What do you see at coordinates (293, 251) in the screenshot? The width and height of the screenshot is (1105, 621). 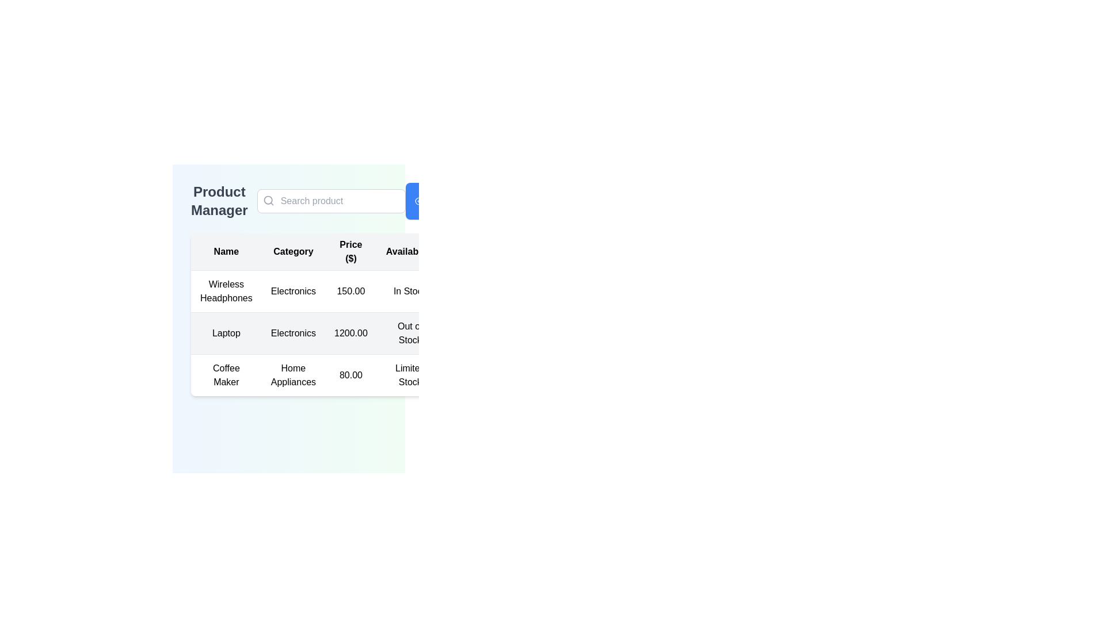 I see `text from the table header labeled 'Category', which is the second header in a row of headers in the upper section of the data grid` at bounding box center [293, 251].